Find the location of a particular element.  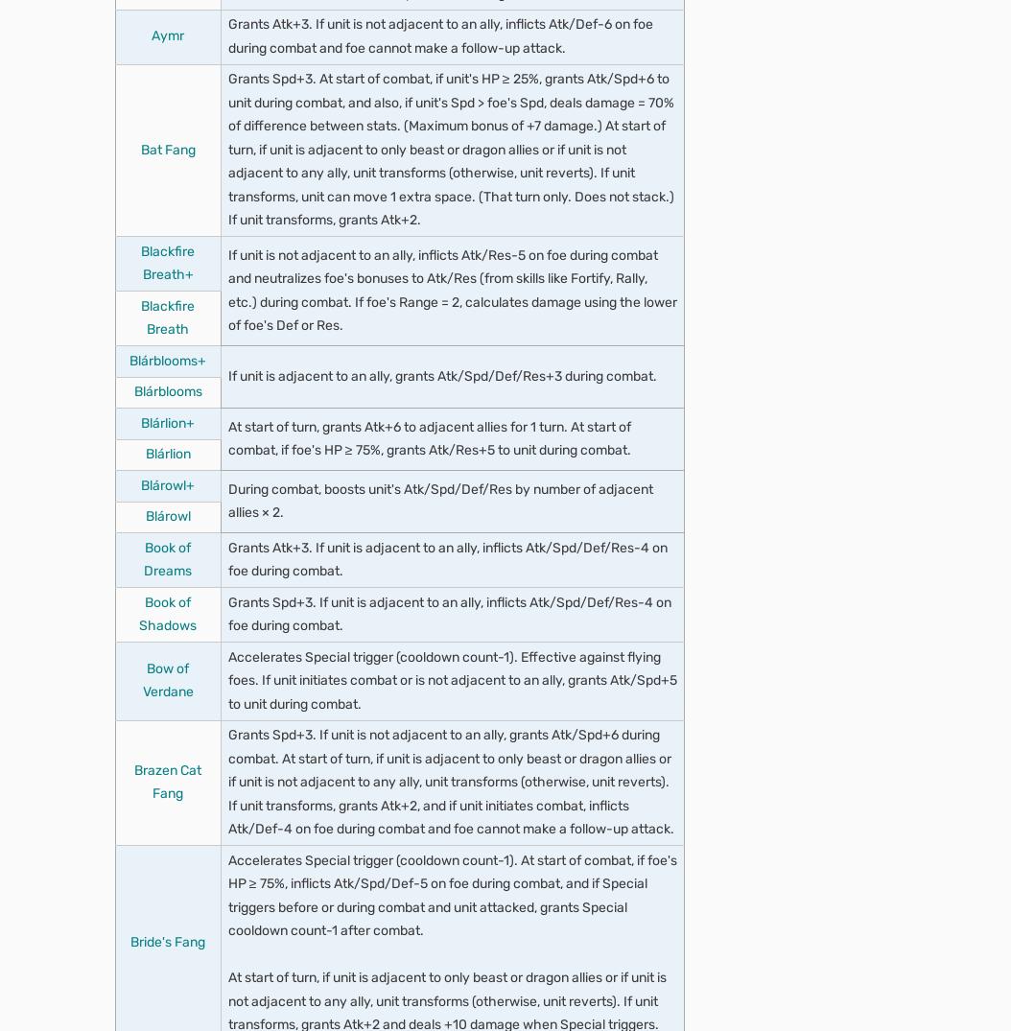

'At start of turn, if unit is not adjacent to an ally, grants Atk/Res+6 to unit for 1 turn.' is located at coordinates (249, 97).